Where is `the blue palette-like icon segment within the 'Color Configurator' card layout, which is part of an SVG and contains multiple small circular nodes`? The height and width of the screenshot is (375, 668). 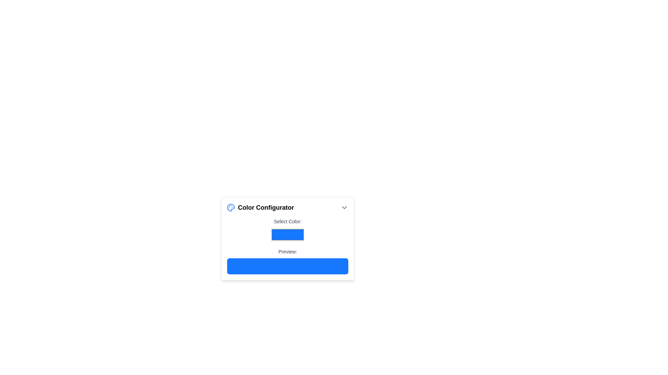
the blue palette-like icon segment within the 'Color Configurator' card layout, which is part of an SVG and contains multiple small circular nodes is located at coordinates (231, 207).